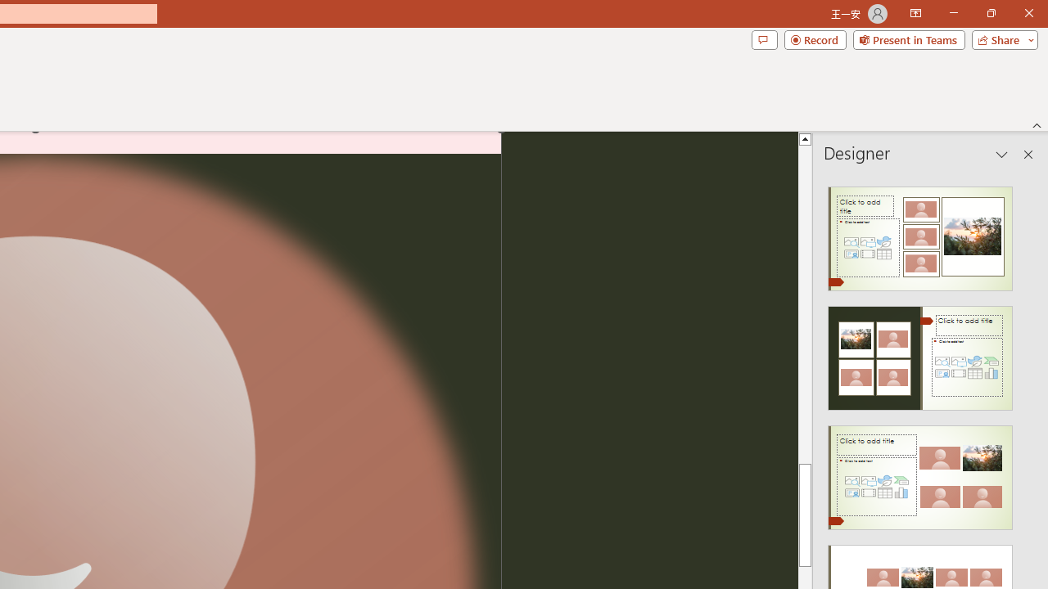 The width and height of the screenshot is (1048, 589). Describe the element at coordinates (920, 472) in the screenshot. I see `'Design Idea'` at that location.